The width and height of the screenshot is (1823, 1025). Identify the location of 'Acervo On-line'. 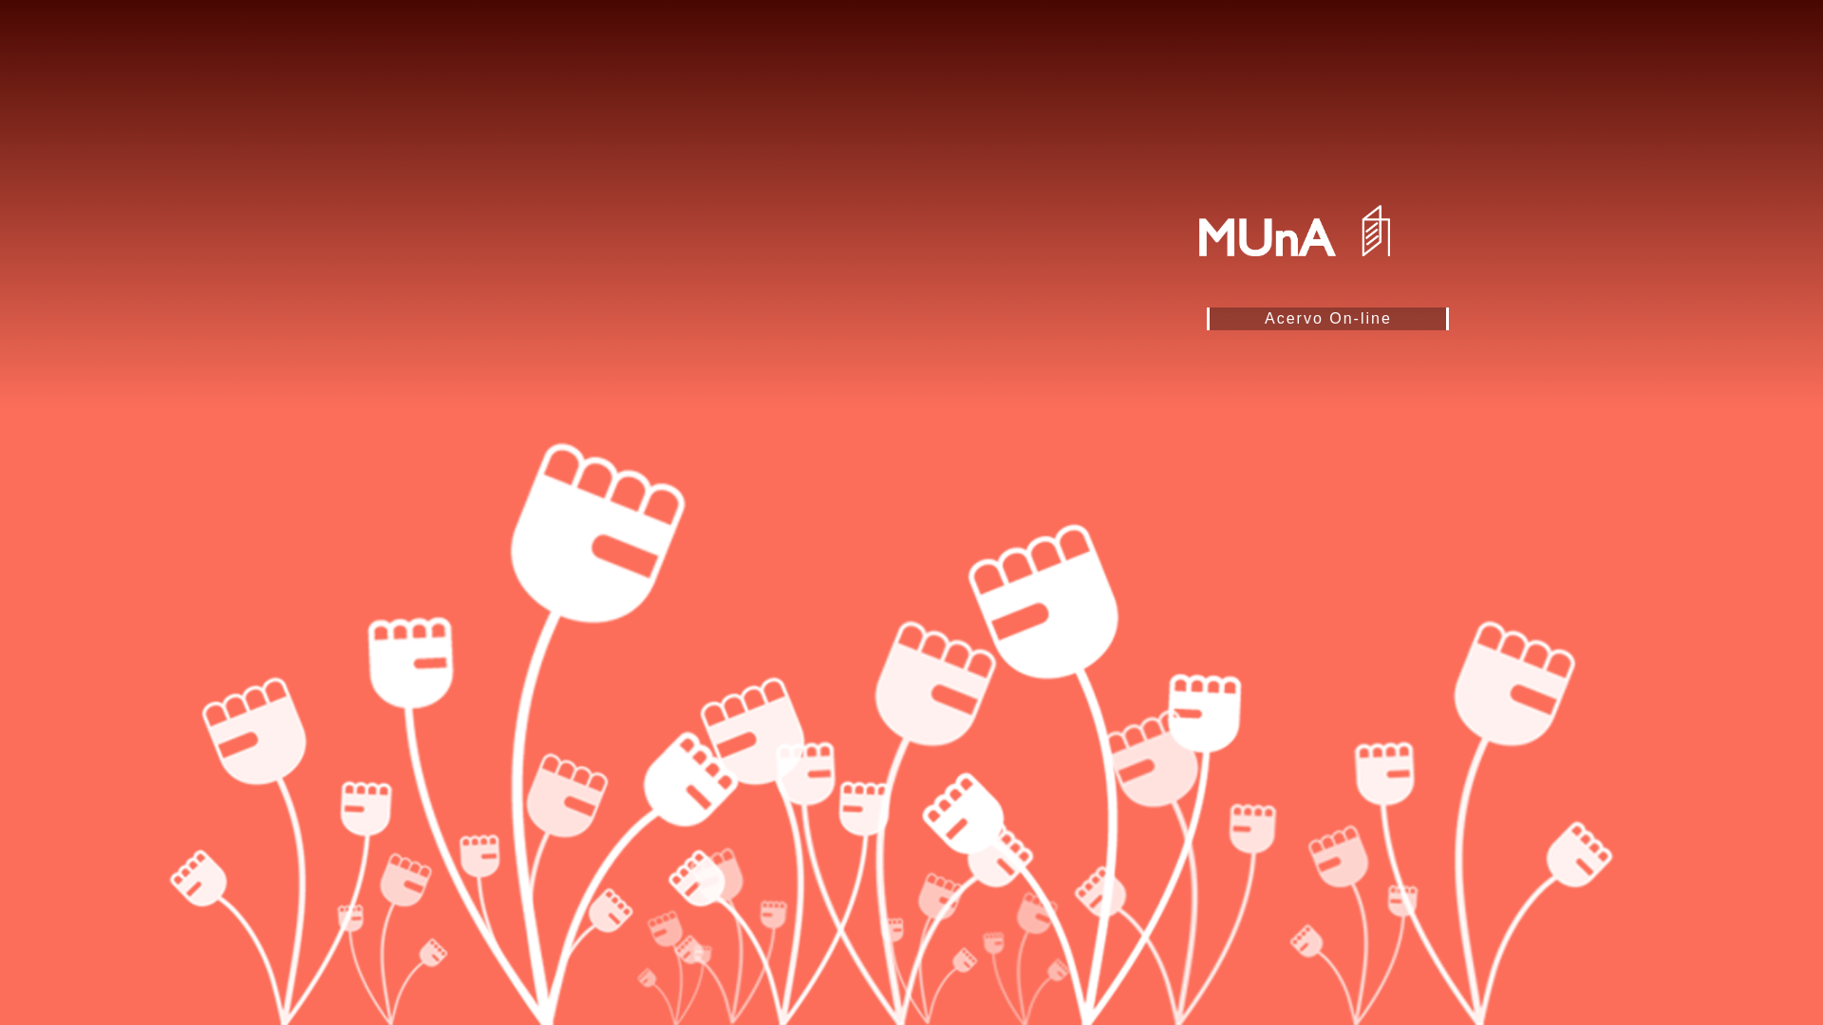
(1326, 317).